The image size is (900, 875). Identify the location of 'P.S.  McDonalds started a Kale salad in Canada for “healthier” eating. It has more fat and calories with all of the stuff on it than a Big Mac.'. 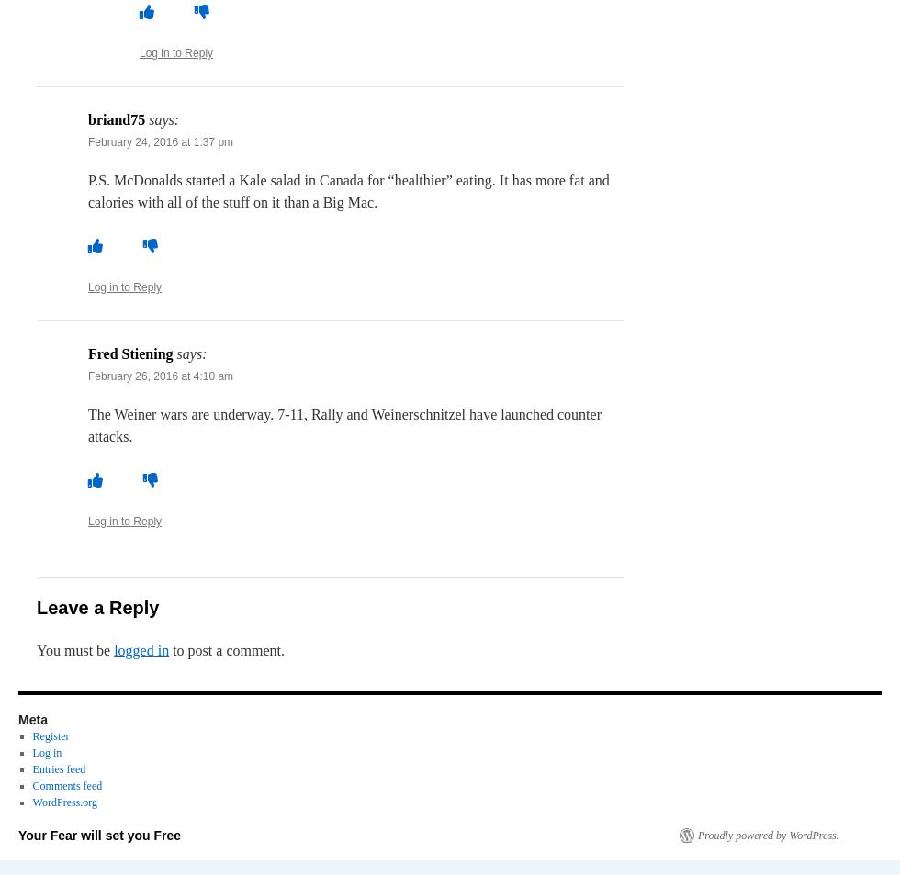
(348, 190).